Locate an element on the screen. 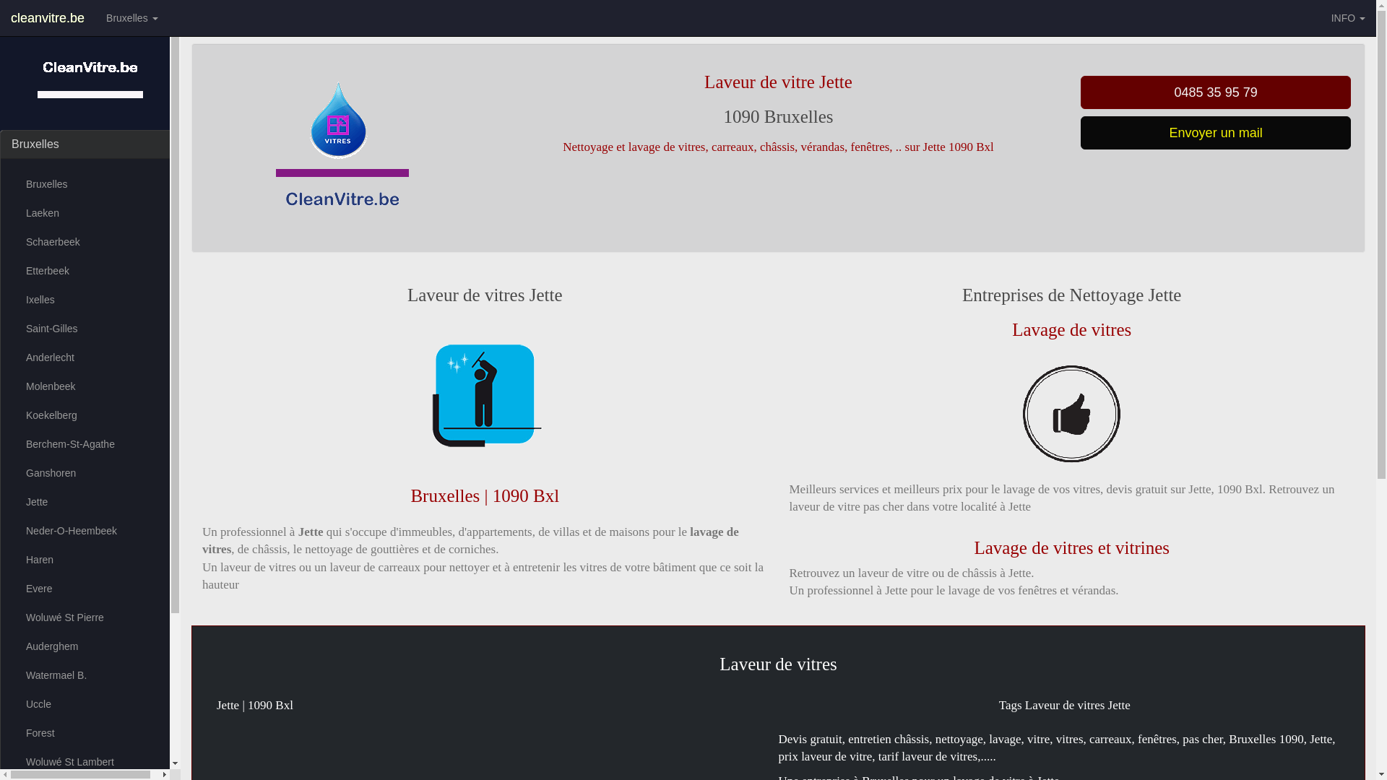 The height and width of the screenshot is (780, 1387). 'Envoyer un mail' is located at coordinates (1215, 133).